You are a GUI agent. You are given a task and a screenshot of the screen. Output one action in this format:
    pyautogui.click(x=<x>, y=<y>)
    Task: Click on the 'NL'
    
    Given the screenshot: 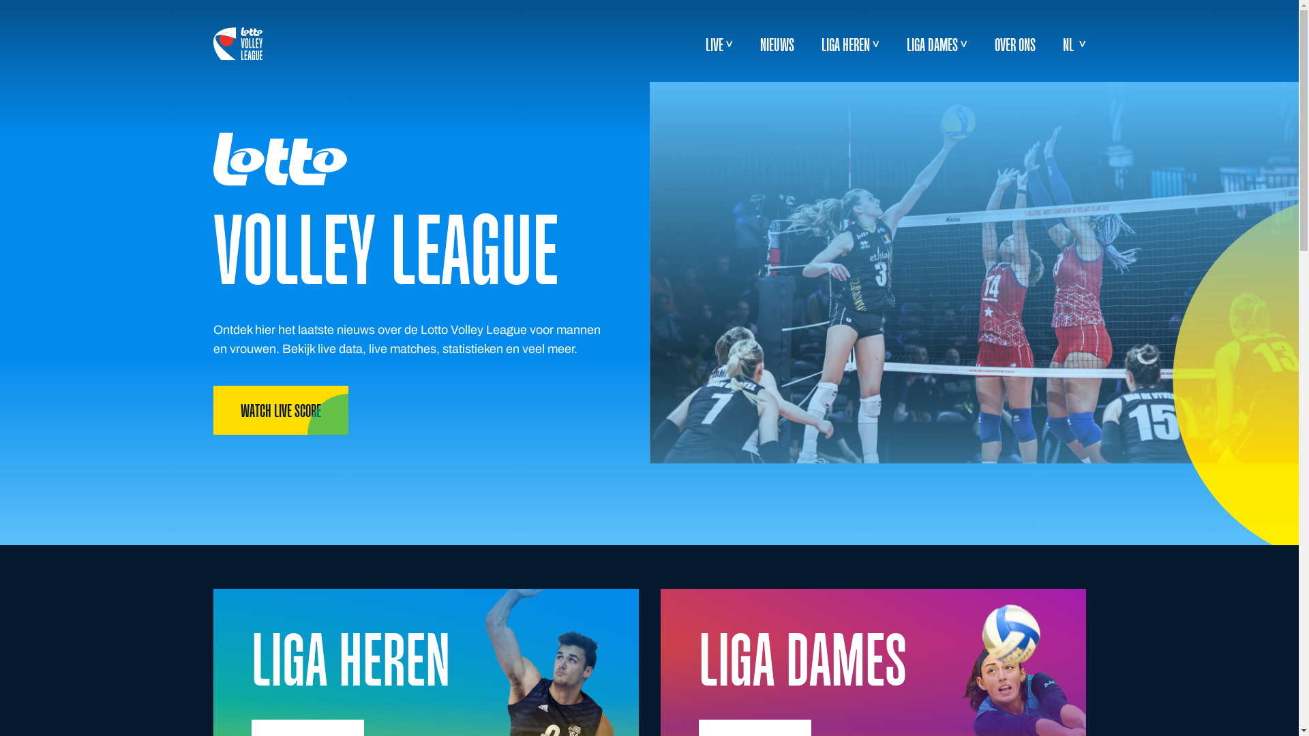 What is the action you would take?
    pyautogui.click(x=1062, y=43)
    